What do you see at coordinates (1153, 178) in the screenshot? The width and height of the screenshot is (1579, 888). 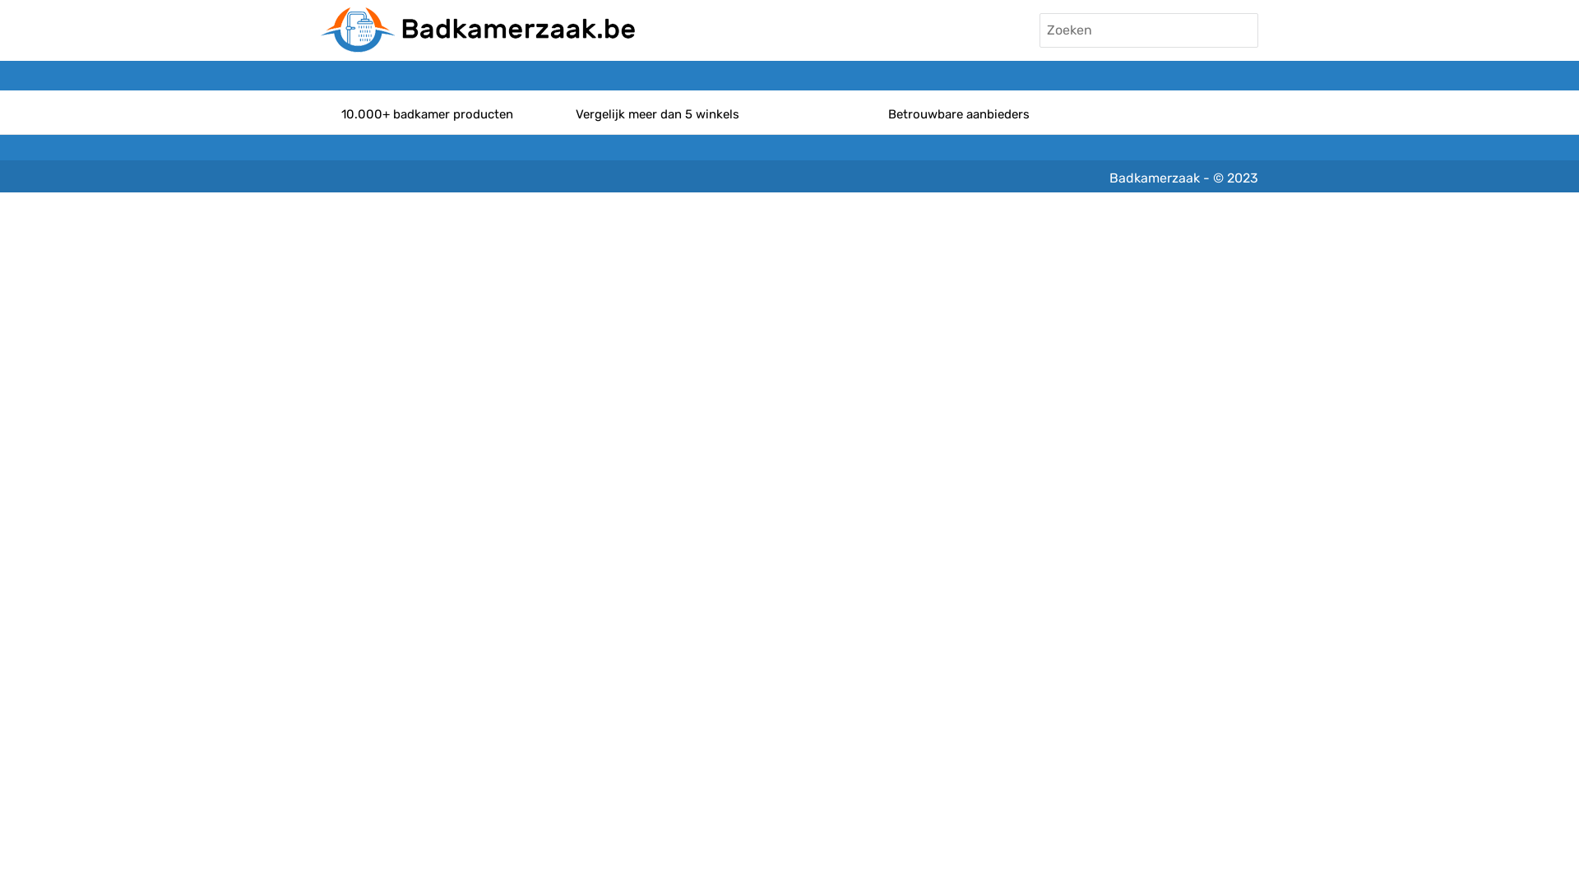 I see `'Badkamerzaak'` at bounding box center [1153, 178].